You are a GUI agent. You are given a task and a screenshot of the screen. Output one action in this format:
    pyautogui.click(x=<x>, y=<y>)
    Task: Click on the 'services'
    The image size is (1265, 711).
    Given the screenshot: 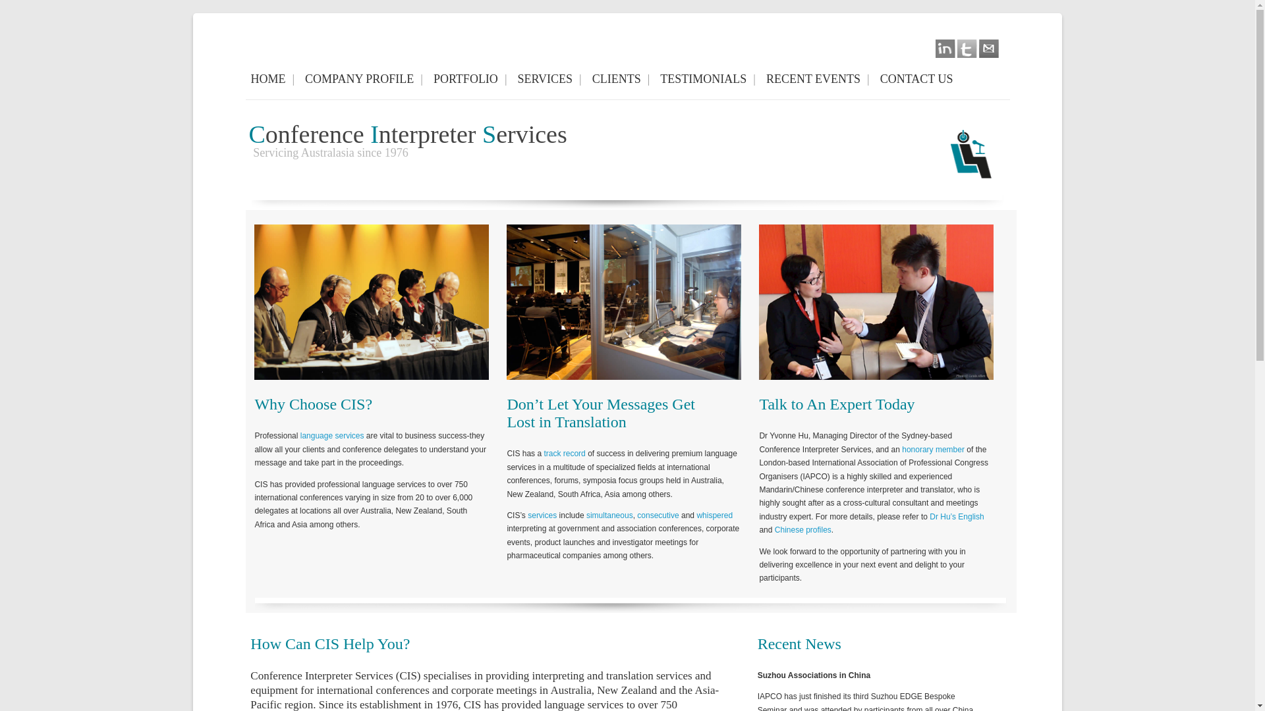 What is the action you would take?
    pyautogui.click(x=542, y=515)
    